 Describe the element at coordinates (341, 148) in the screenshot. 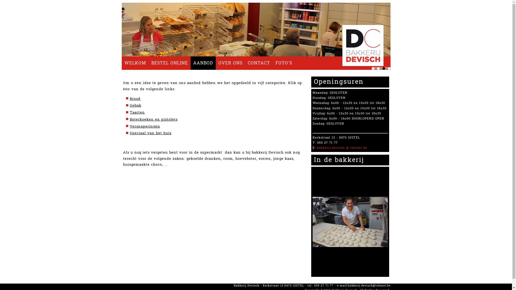

I see `'bakkerij.devisch @ telenet.be'` at that location.